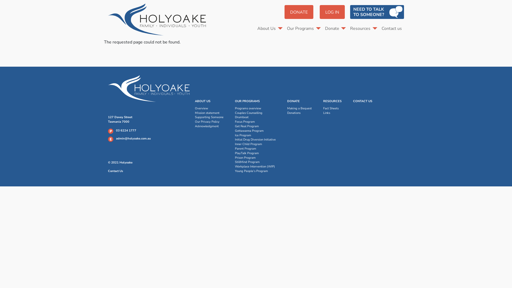  What do you see at coordinates (255, 158) in the screenshot?
I see `'Prison Program'` at bounding box center [255, 158].